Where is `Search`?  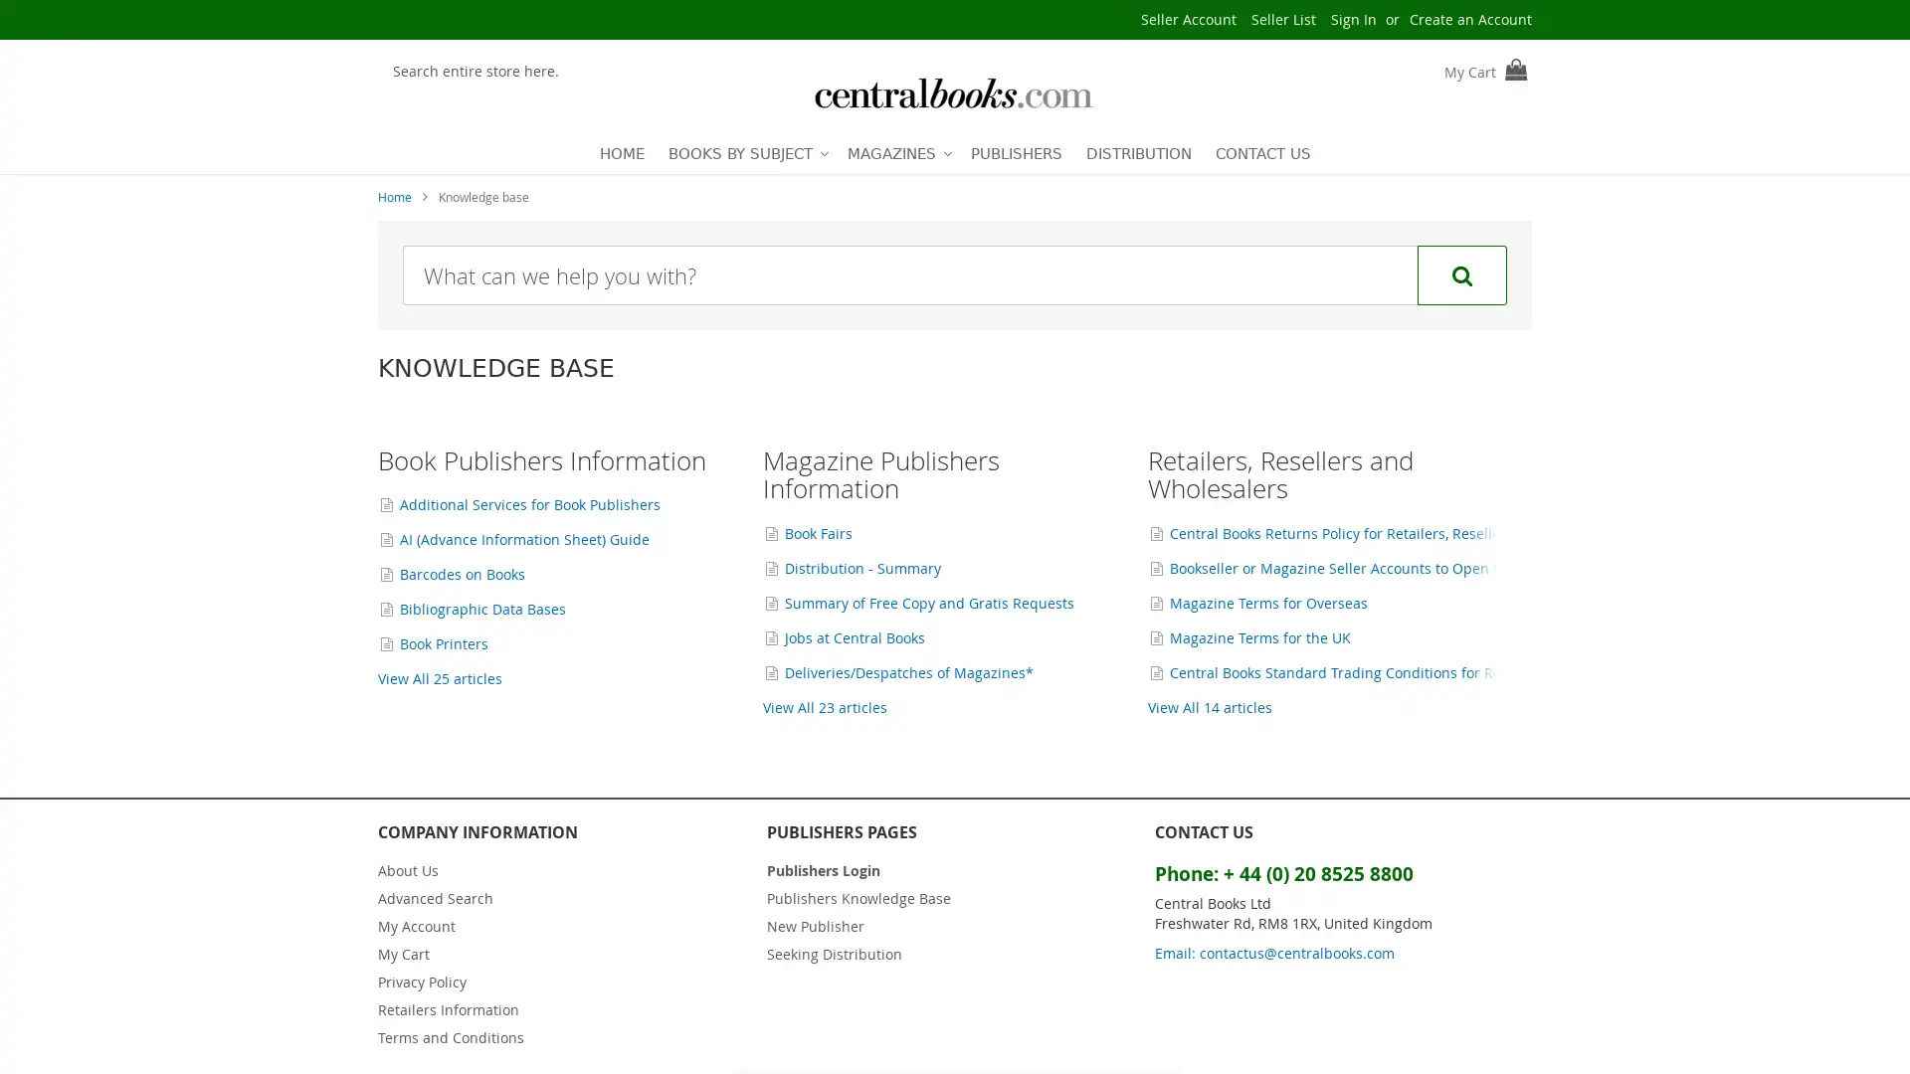 Search is located at coordinates (613, 68).